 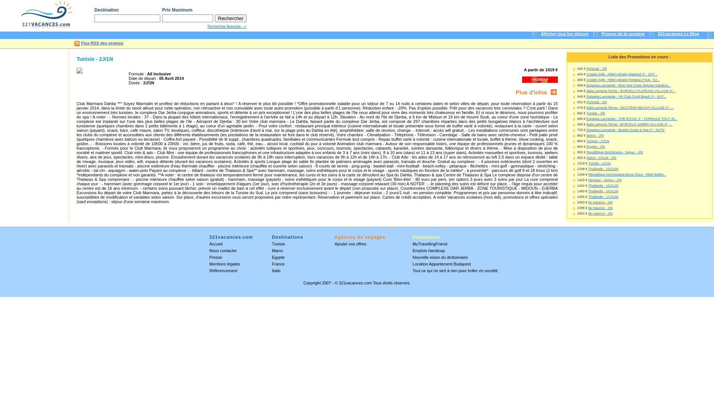 What do you see at coordinates (278, 257) in the screenshot?
I see `'Egypte'` at bounding box center [278, 257].